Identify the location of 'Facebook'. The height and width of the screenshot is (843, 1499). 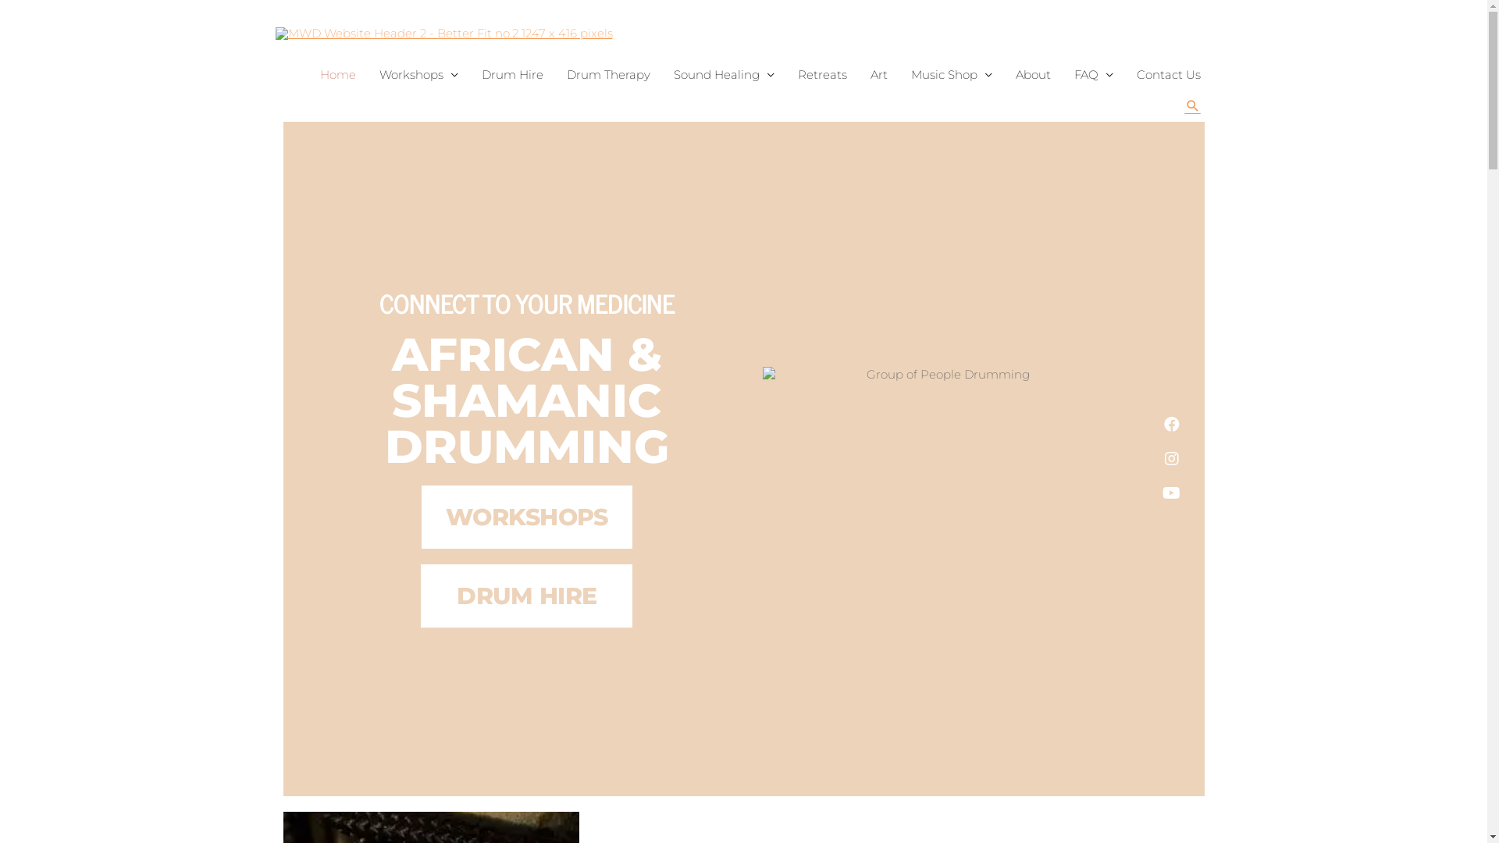
(1172, 424).